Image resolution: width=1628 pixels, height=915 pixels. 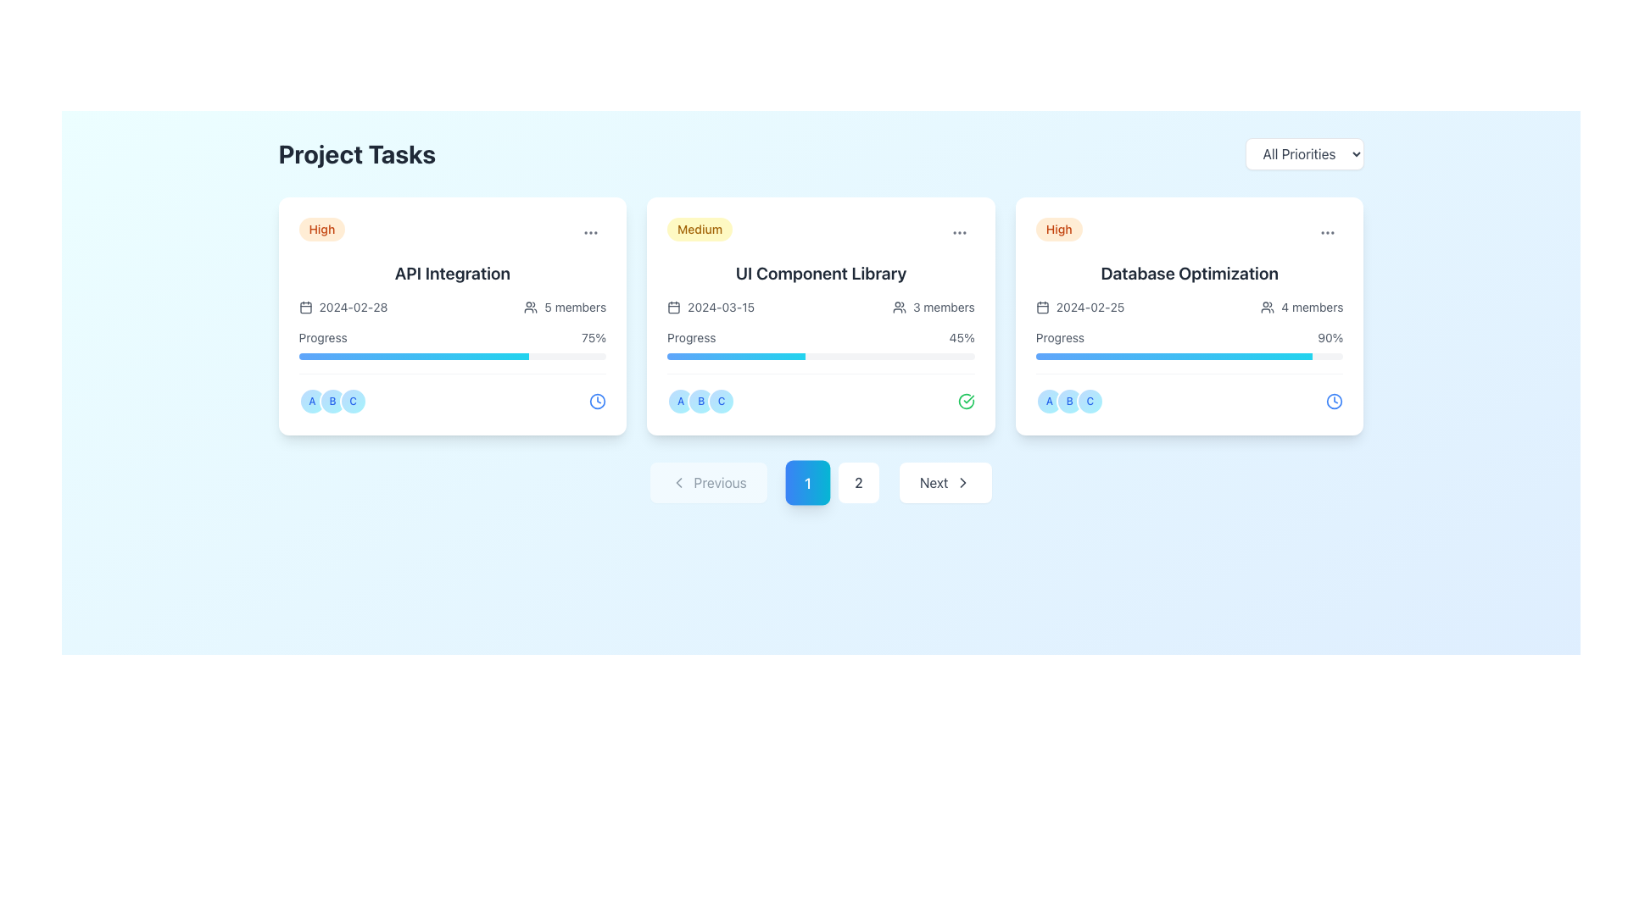 I want to click on the static text label indicating the progress of the 'UI Component Library' task, which is located above the progress bar and to the left of the '45%' percentage text, so click(x=691, y=337).